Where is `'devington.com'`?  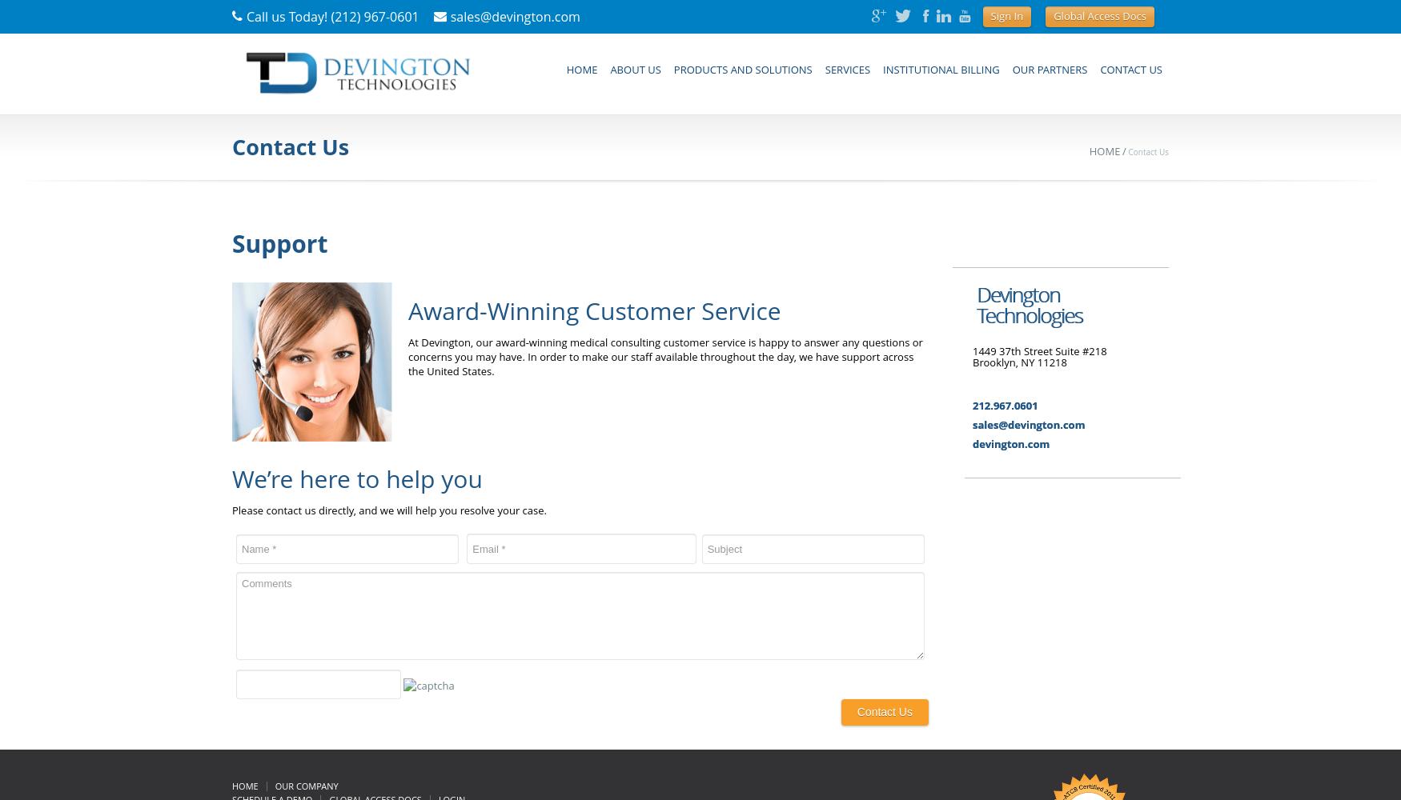 'devington.com' is located at coordinates (1010, 444).